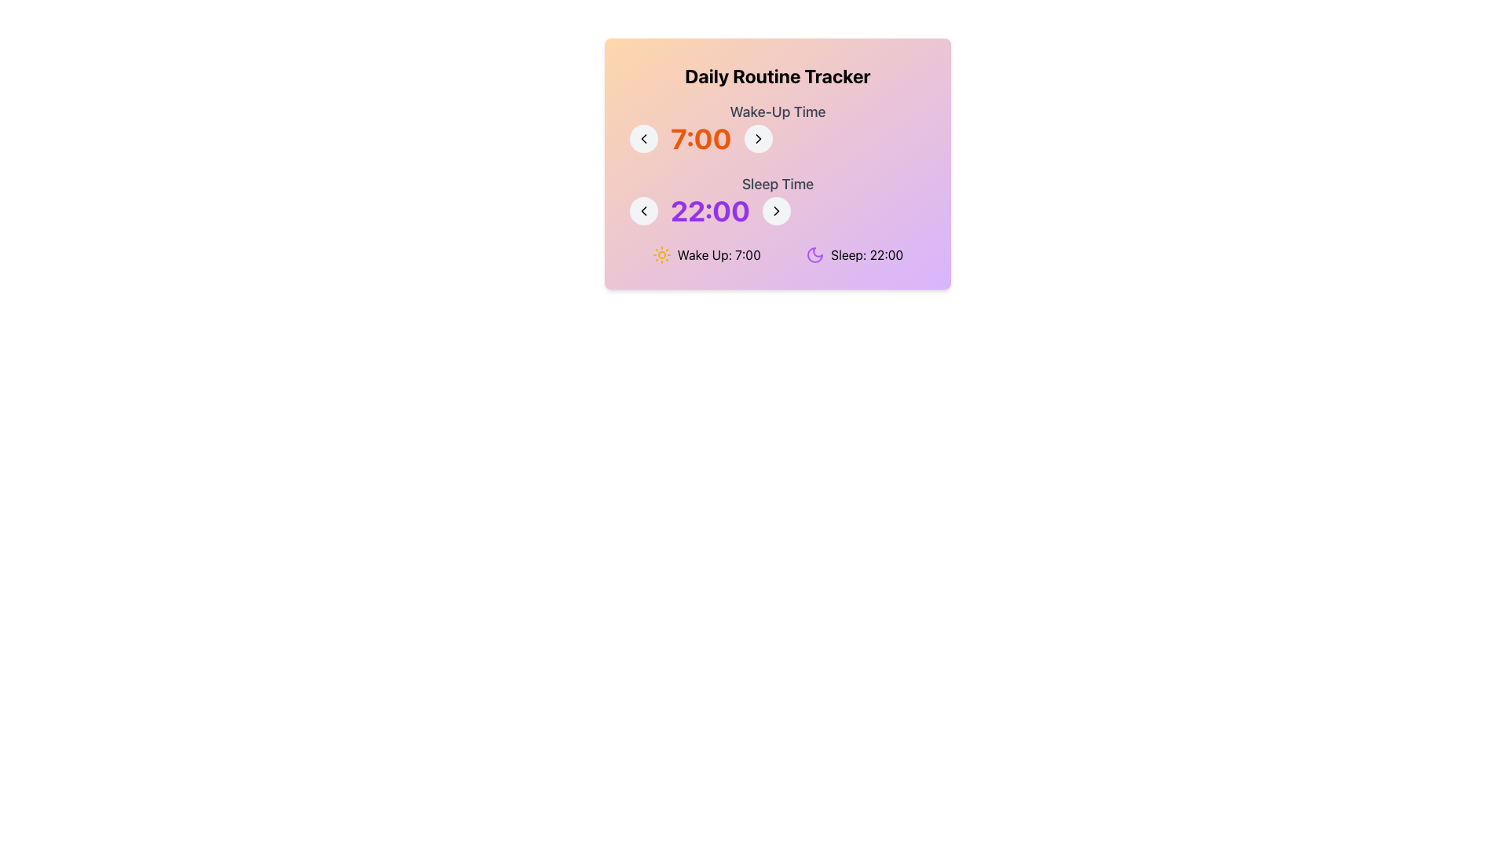 The height and width of the screenshot is (848, 1508). I want to click on the circular button with a light gray background and a left-facing chevron arrow to decrease the time value '22:00', so click(644, 210).